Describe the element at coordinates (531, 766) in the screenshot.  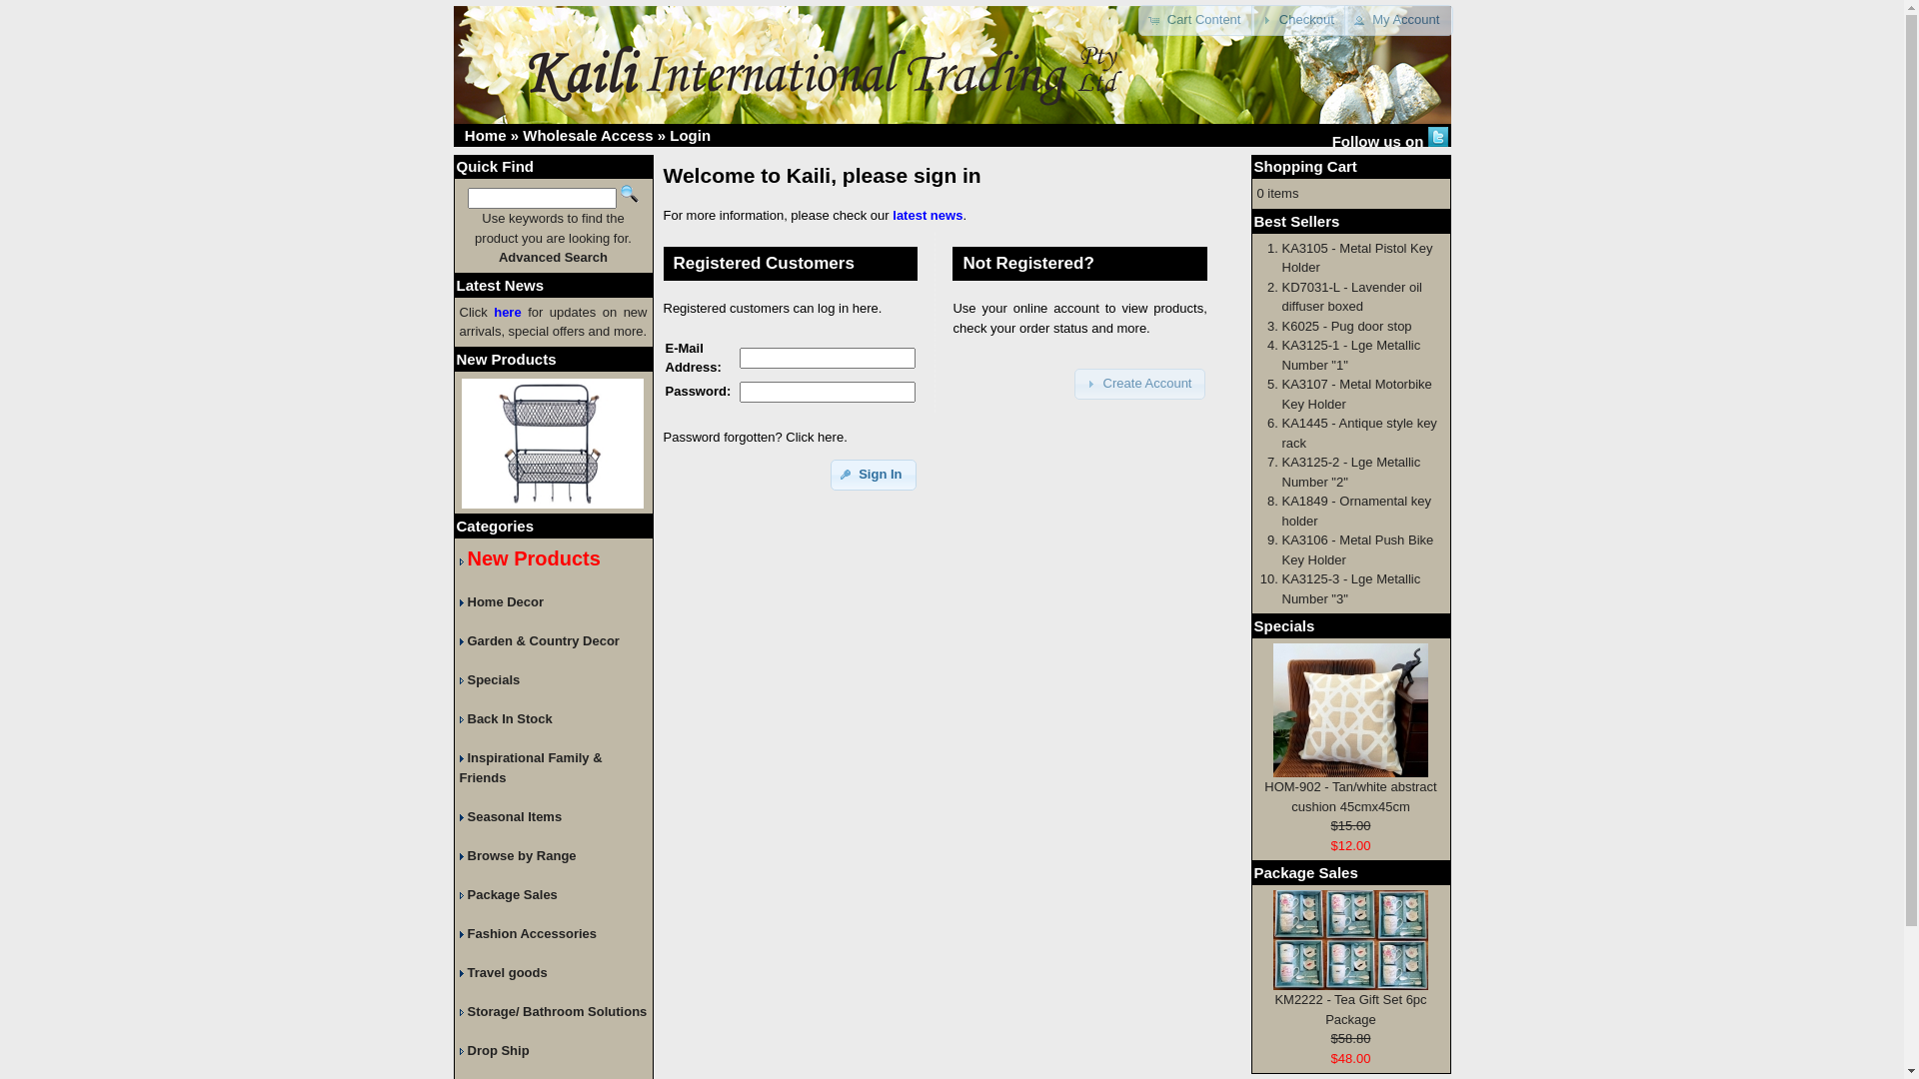
I see `'Inspirational Family & Friends'` at that location.